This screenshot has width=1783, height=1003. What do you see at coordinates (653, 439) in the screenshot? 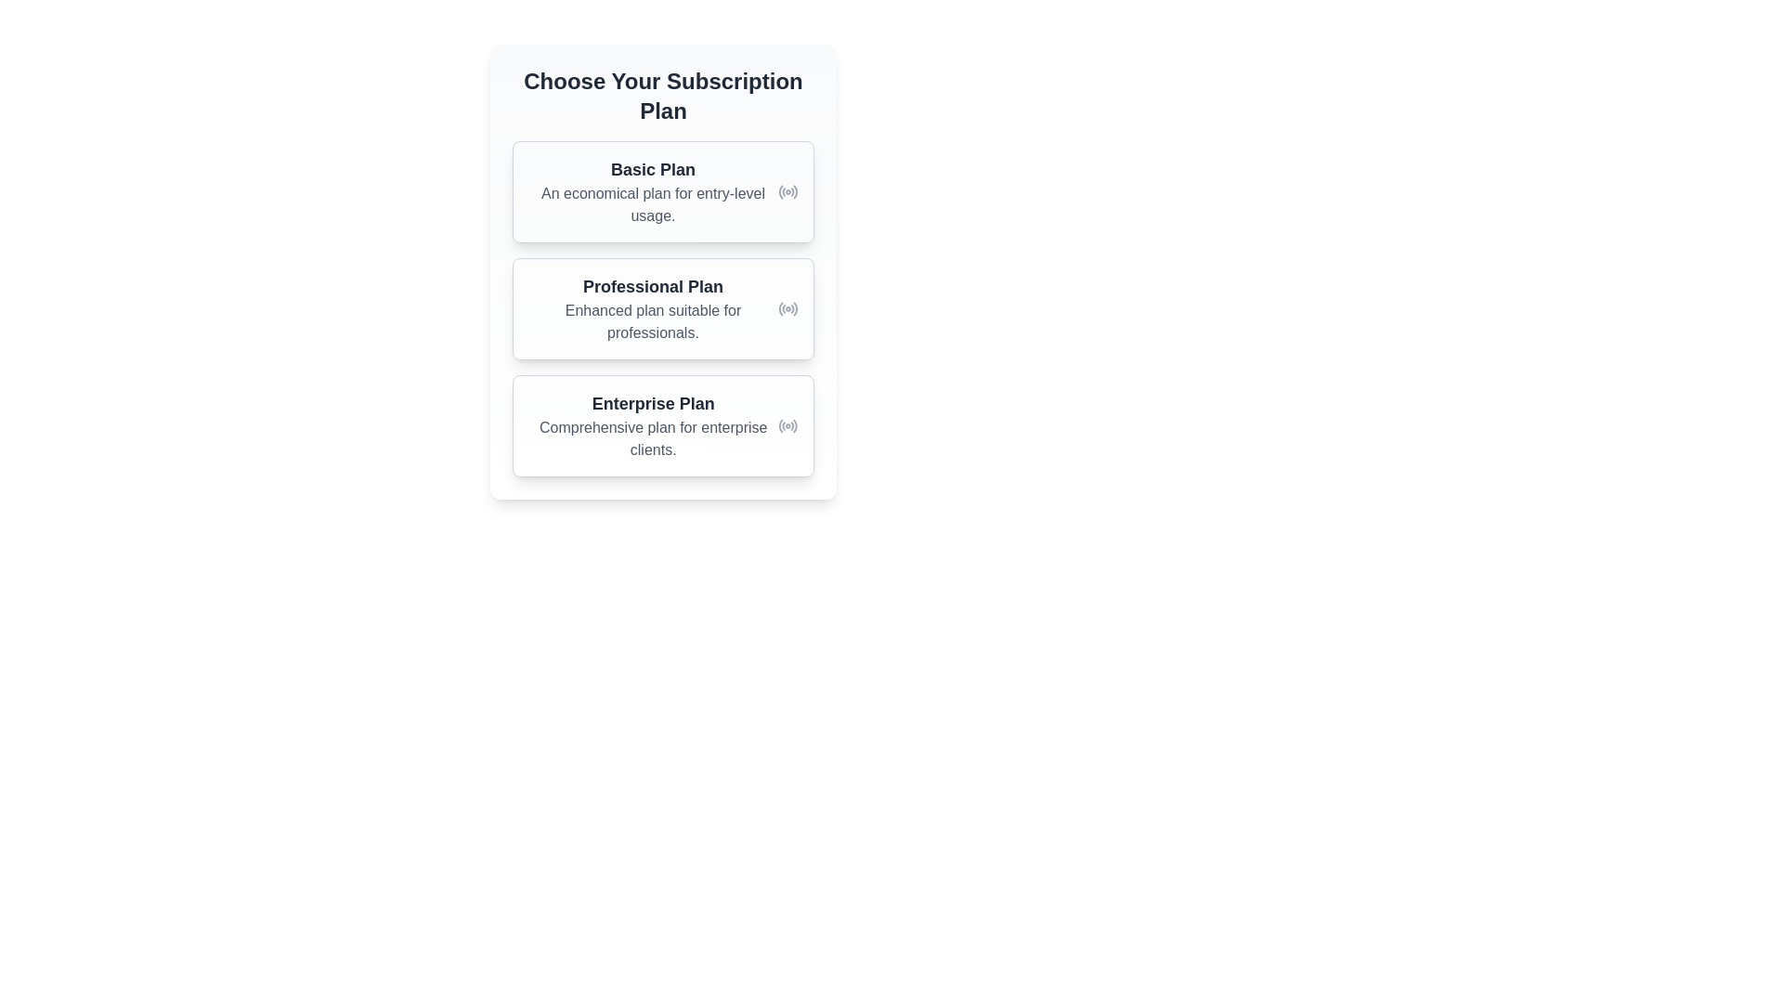
I see `the text element displaying 'Comprehensive plan for enterprise clients.' which is styled in gray and positioned below the title 'Enterprise Plan.'` at bounding box center [653, 439].